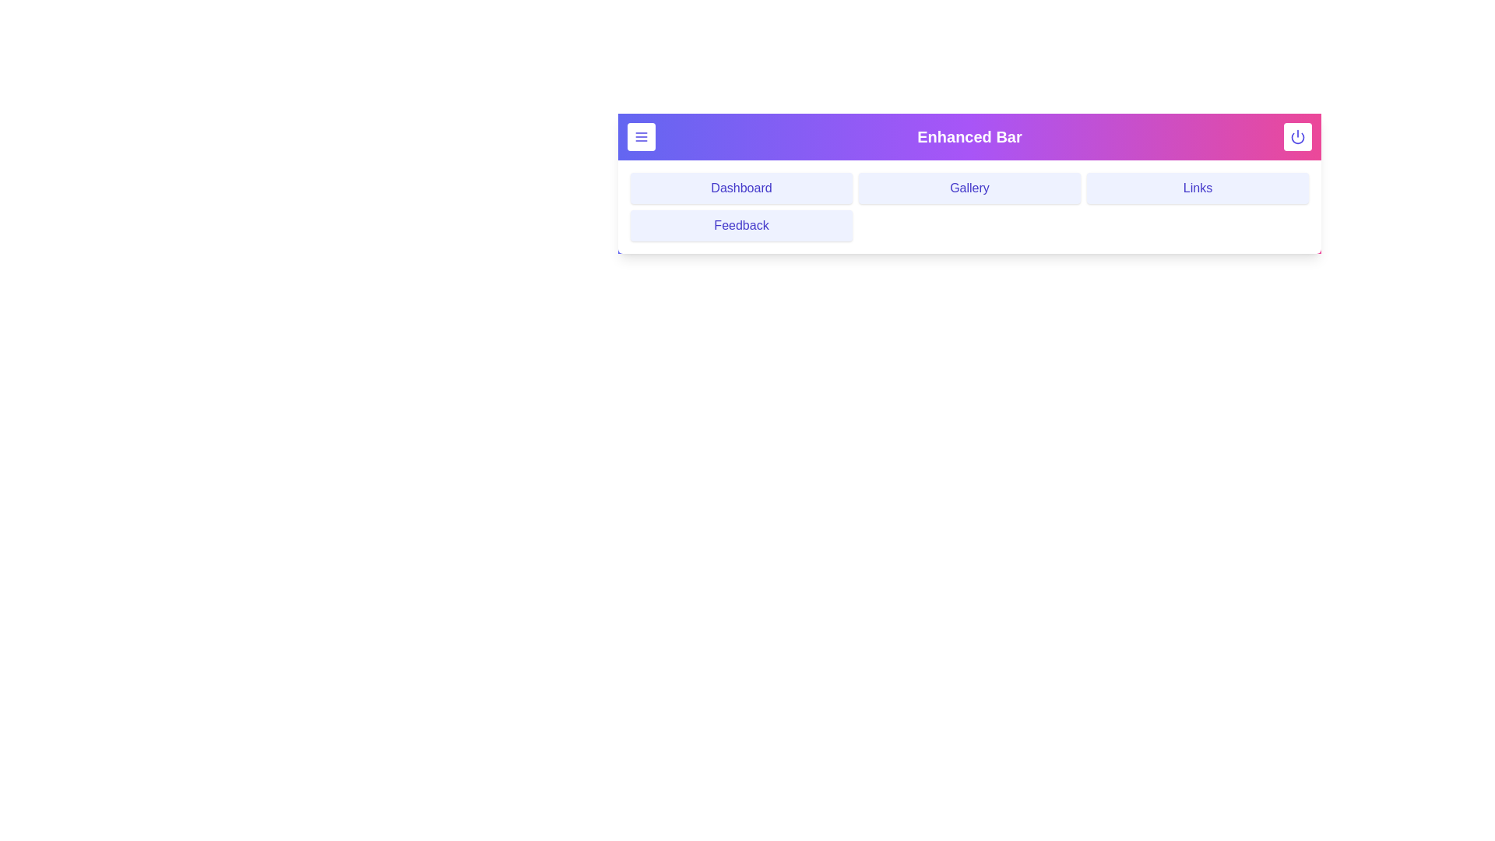 The height and width of the screenshot is (841, 1495). What do you see at coordinates (1197, 188) in the screenshot?
I see `the navigation menu item Links` at bounding box center [1197, 188].